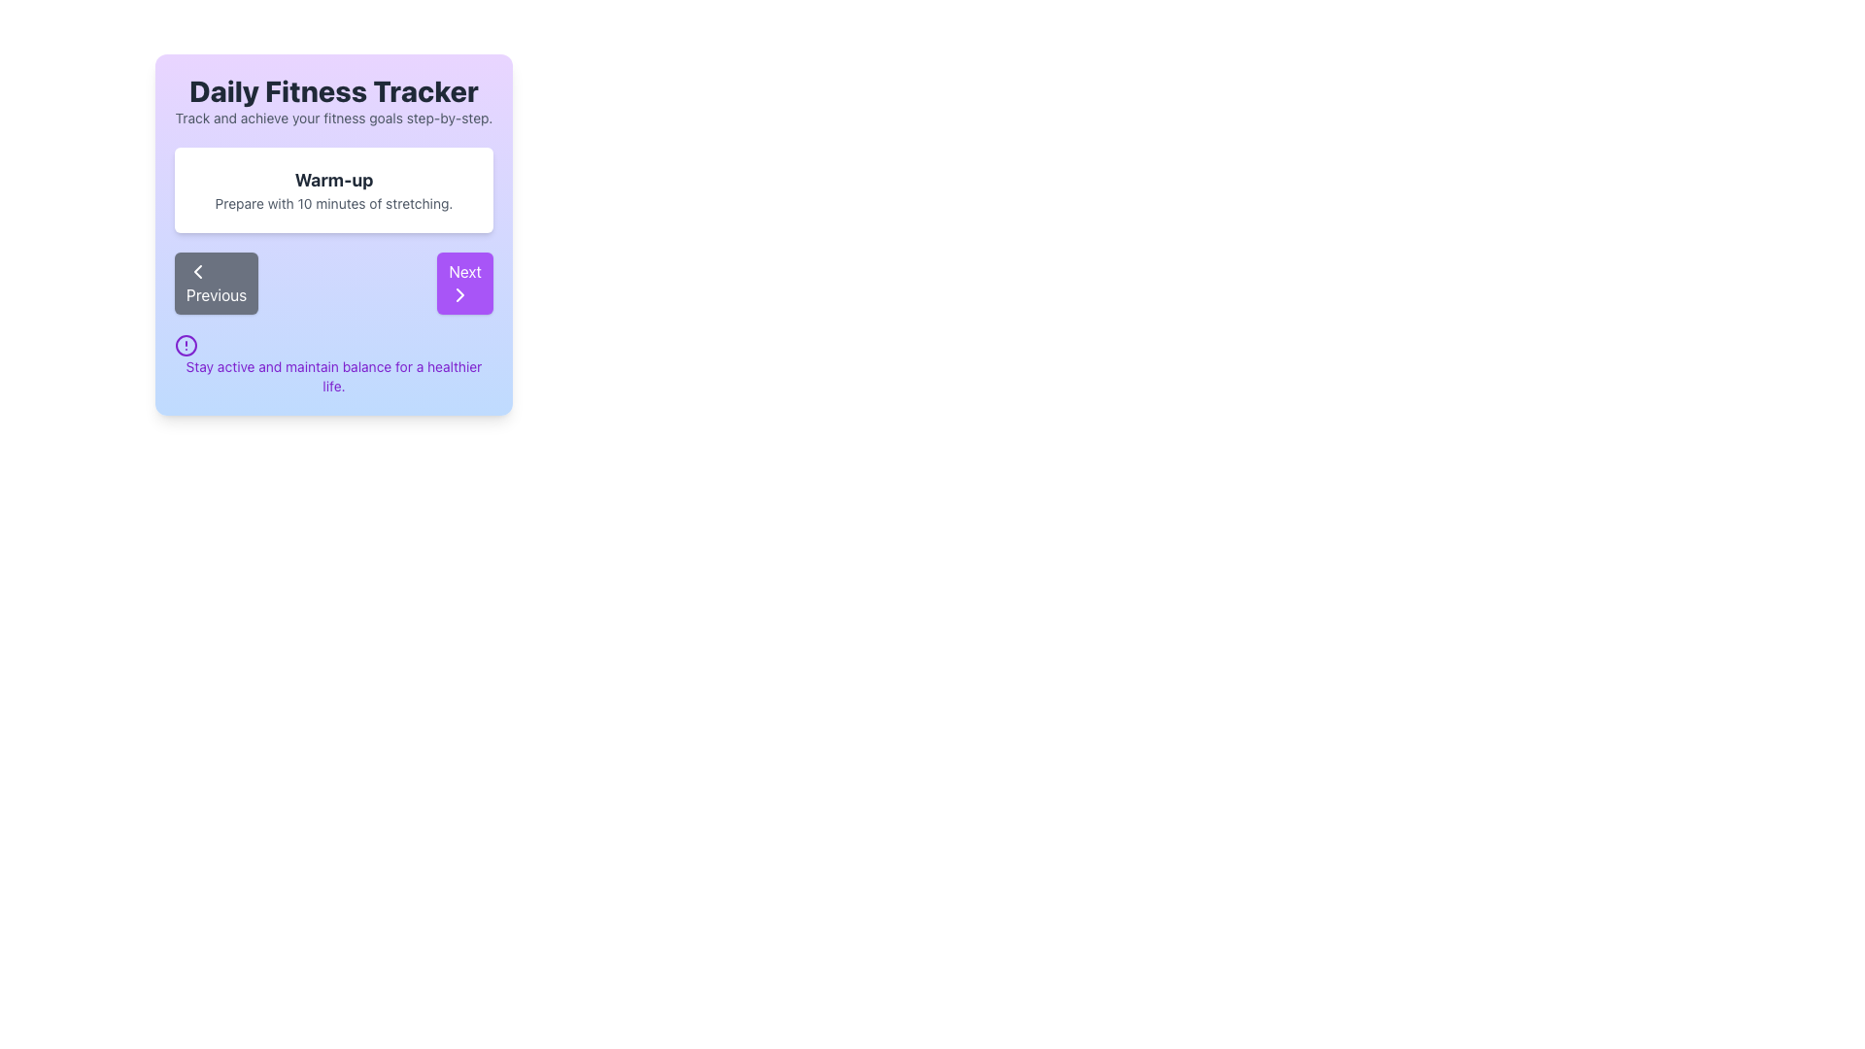 The width and height of the screenshot is (1865, 1049). Describe the element at coordinates (334, 284) in the screenshot. I see `the 'Next' button on the Navigation bar` at that location.